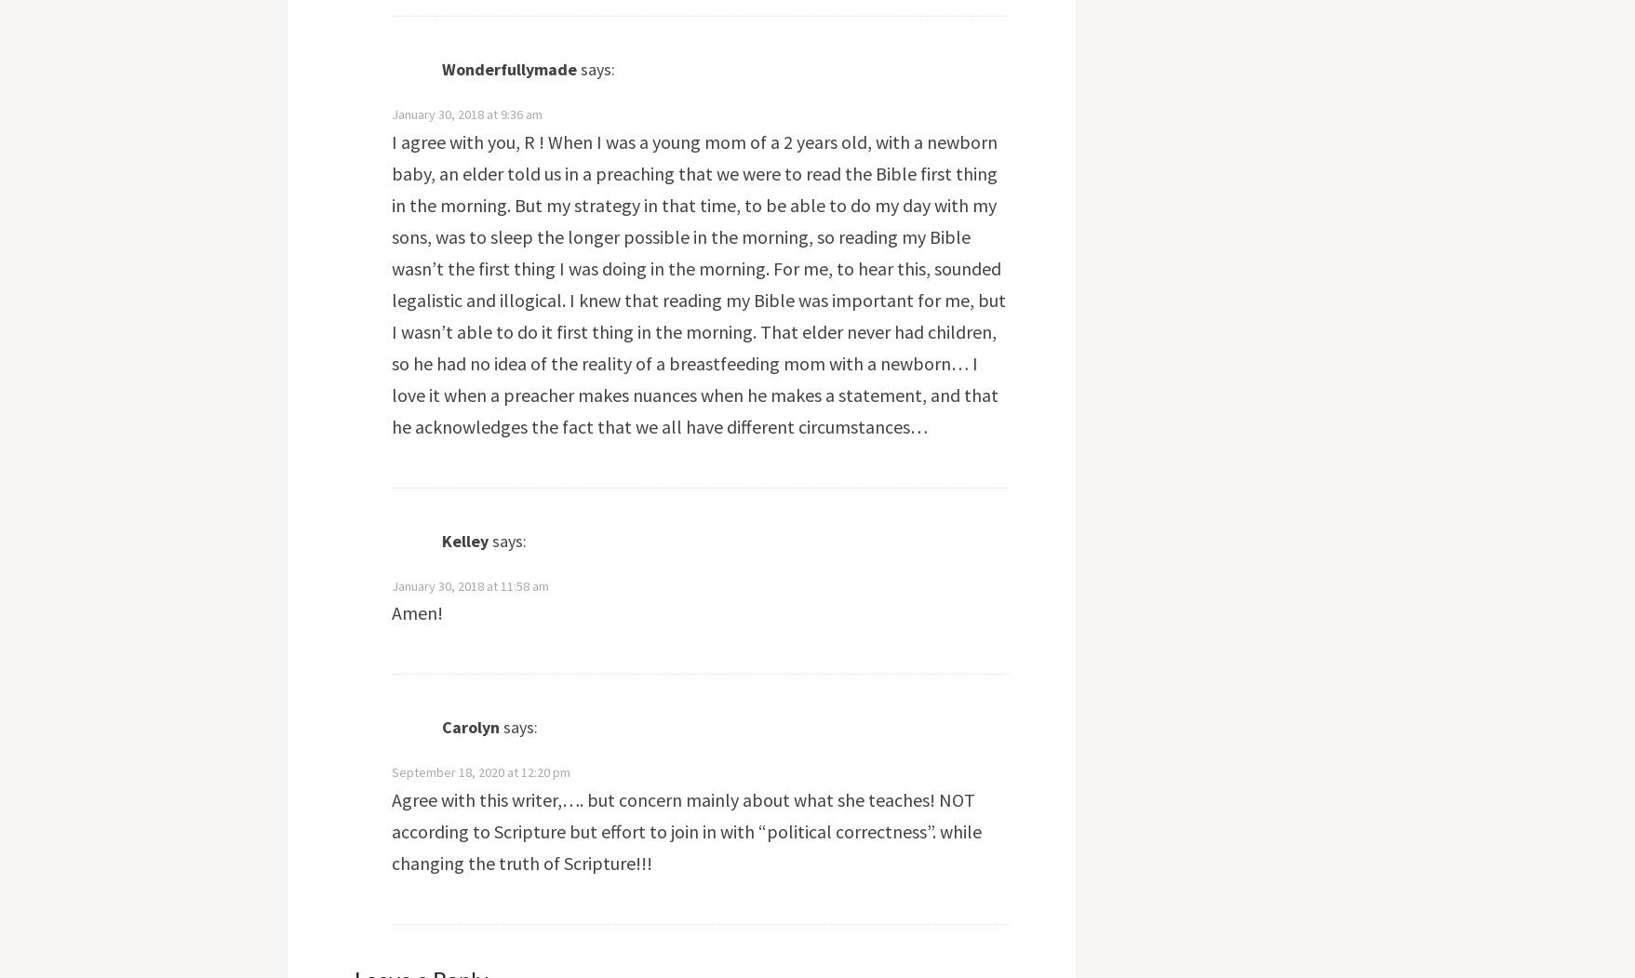  What do you see at coordinates (469, 726) in the screenshot?
I see `'Carolyn'` at bounding box center [469, 726].